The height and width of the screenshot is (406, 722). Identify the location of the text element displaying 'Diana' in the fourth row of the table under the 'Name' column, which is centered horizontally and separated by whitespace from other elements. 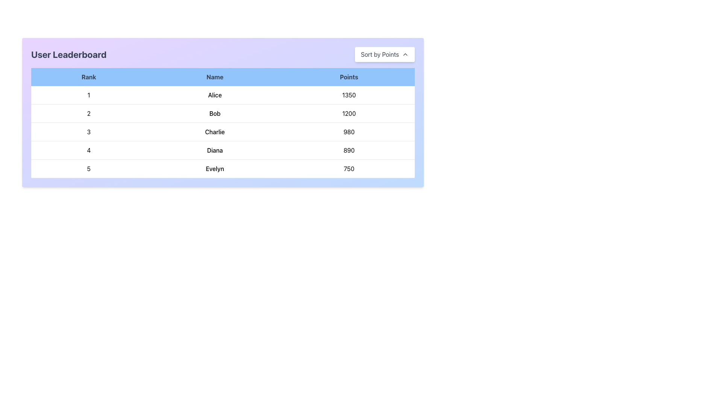
(214, 150).